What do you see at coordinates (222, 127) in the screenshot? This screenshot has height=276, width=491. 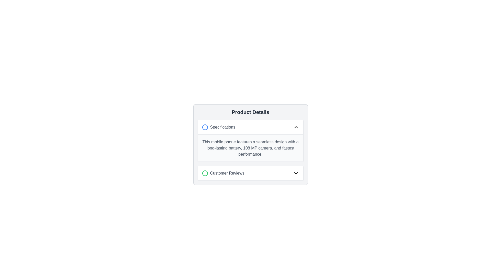 I see `the text label that serves as a header for product specifications, located to the right of the information icon within the 'Product Details' panel` at bounding box center [222, 127].